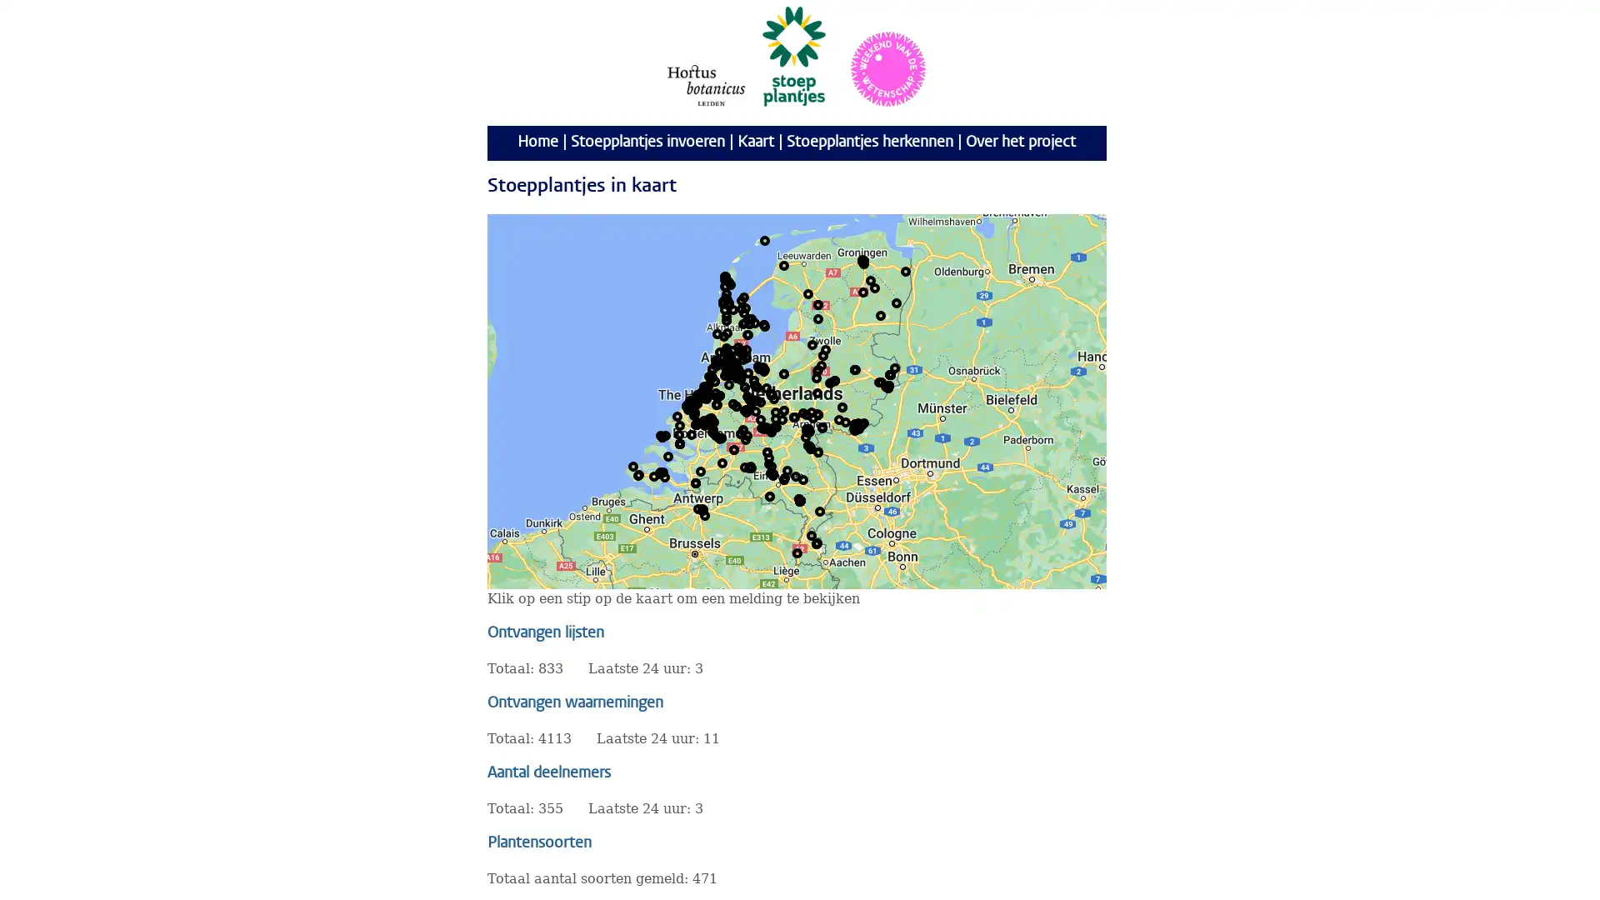 The width and height of the screenshot is (1600, 900). Describe the element at coordinates (731, 369) in the screenshot. I see `Telling van op 09 februari 2022` at that location.